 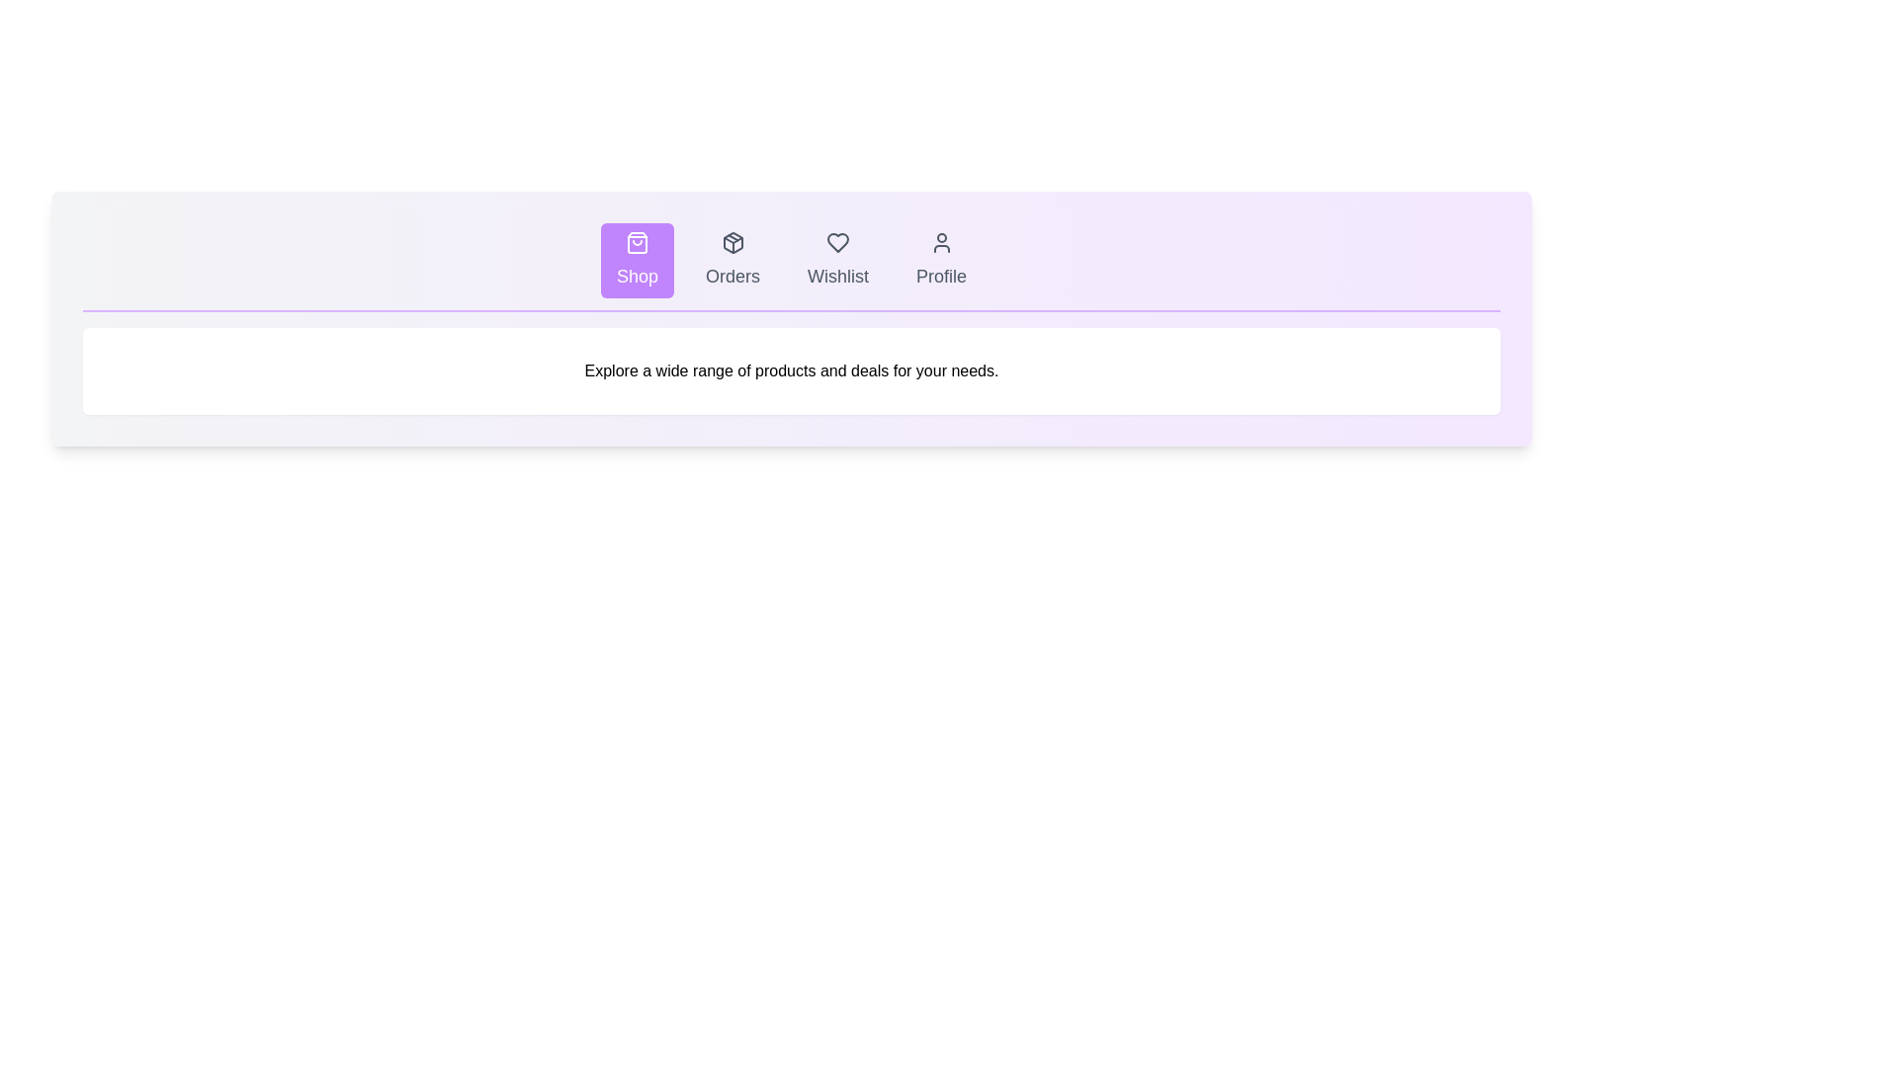 What do you see at coordinates (637, 259) in the screenshot?
I see `the tab labeled Shop` at bounding box center [637, 259].